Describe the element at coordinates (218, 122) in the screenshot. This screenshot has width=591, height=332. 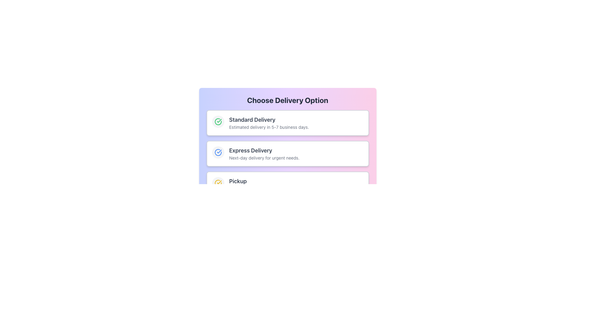
I see `the 'Standard Delivery' indicator icon located in the first list item of the 'Choose Delivery Option' card component` at that location.